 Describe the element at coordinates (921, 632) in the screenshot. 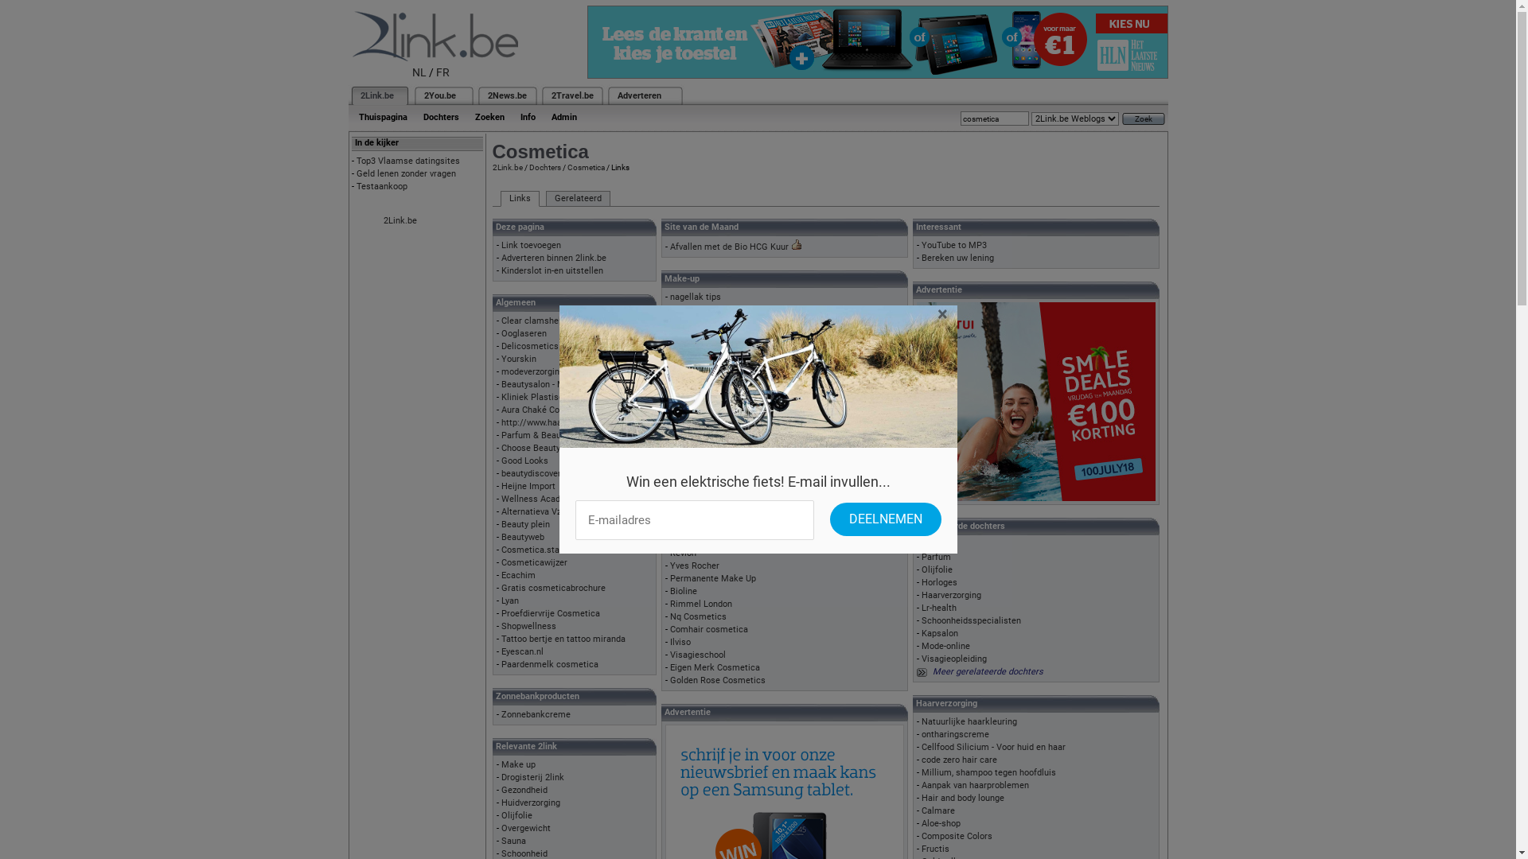

I see `'Kapsalon'` at that location.